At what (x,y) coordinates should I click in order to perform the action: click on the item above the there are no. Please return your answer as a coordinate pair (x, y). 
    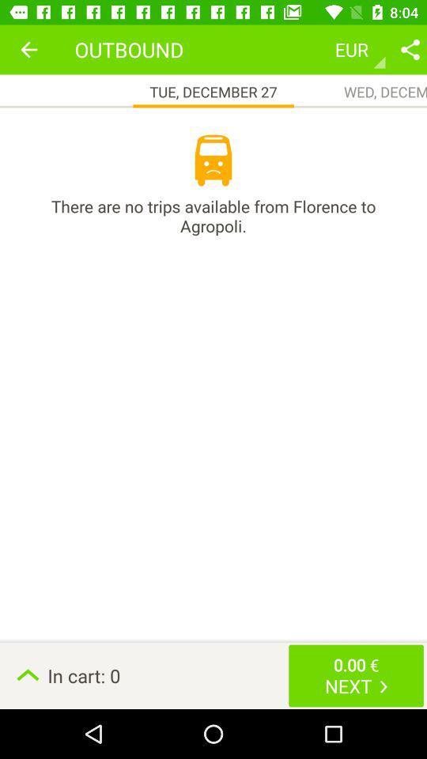
    Looking at the image, I should click on (213, 160).